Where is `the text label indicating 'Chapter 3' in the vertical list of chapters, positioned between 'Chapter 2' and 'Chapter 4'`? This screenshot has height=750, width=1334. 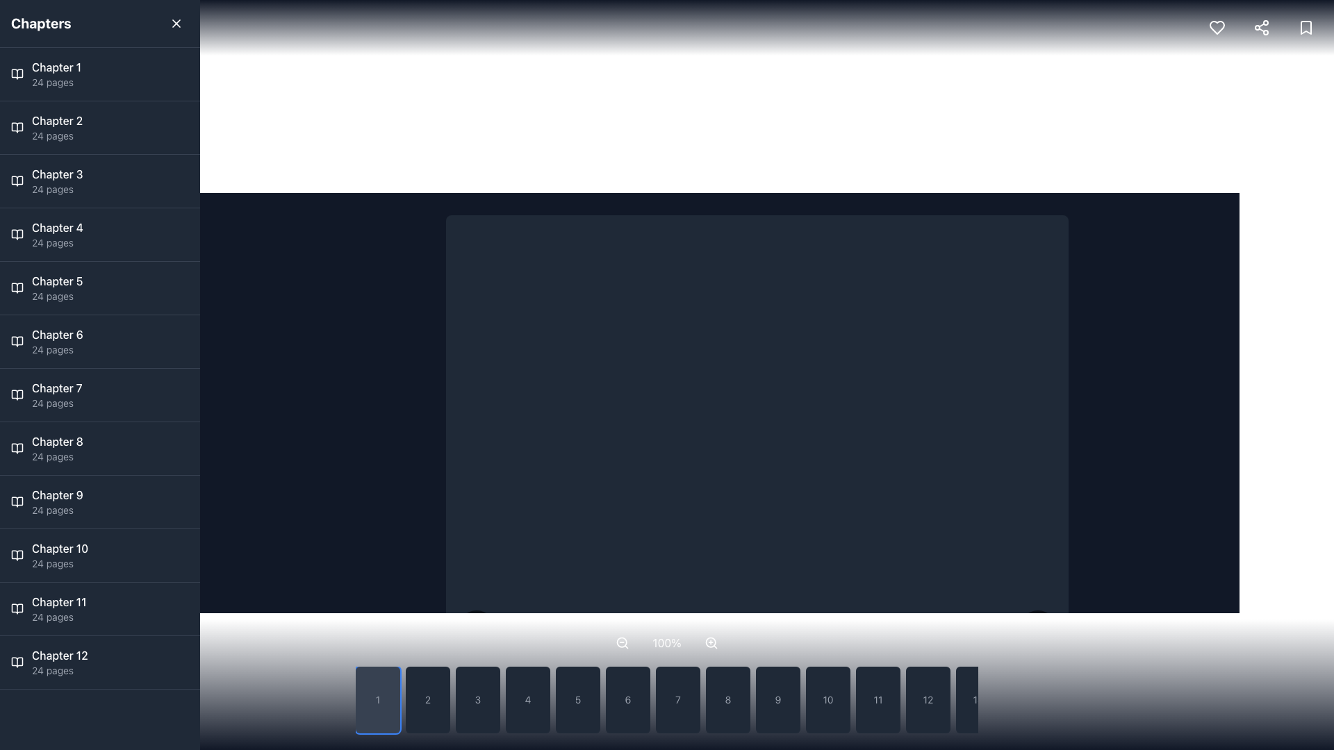
the text label indicating 'Chapter 3' in the vertical list of chapters, positioned between 'Chapter 2' and 'Chapter 4' is located at coordinates (56, 173).